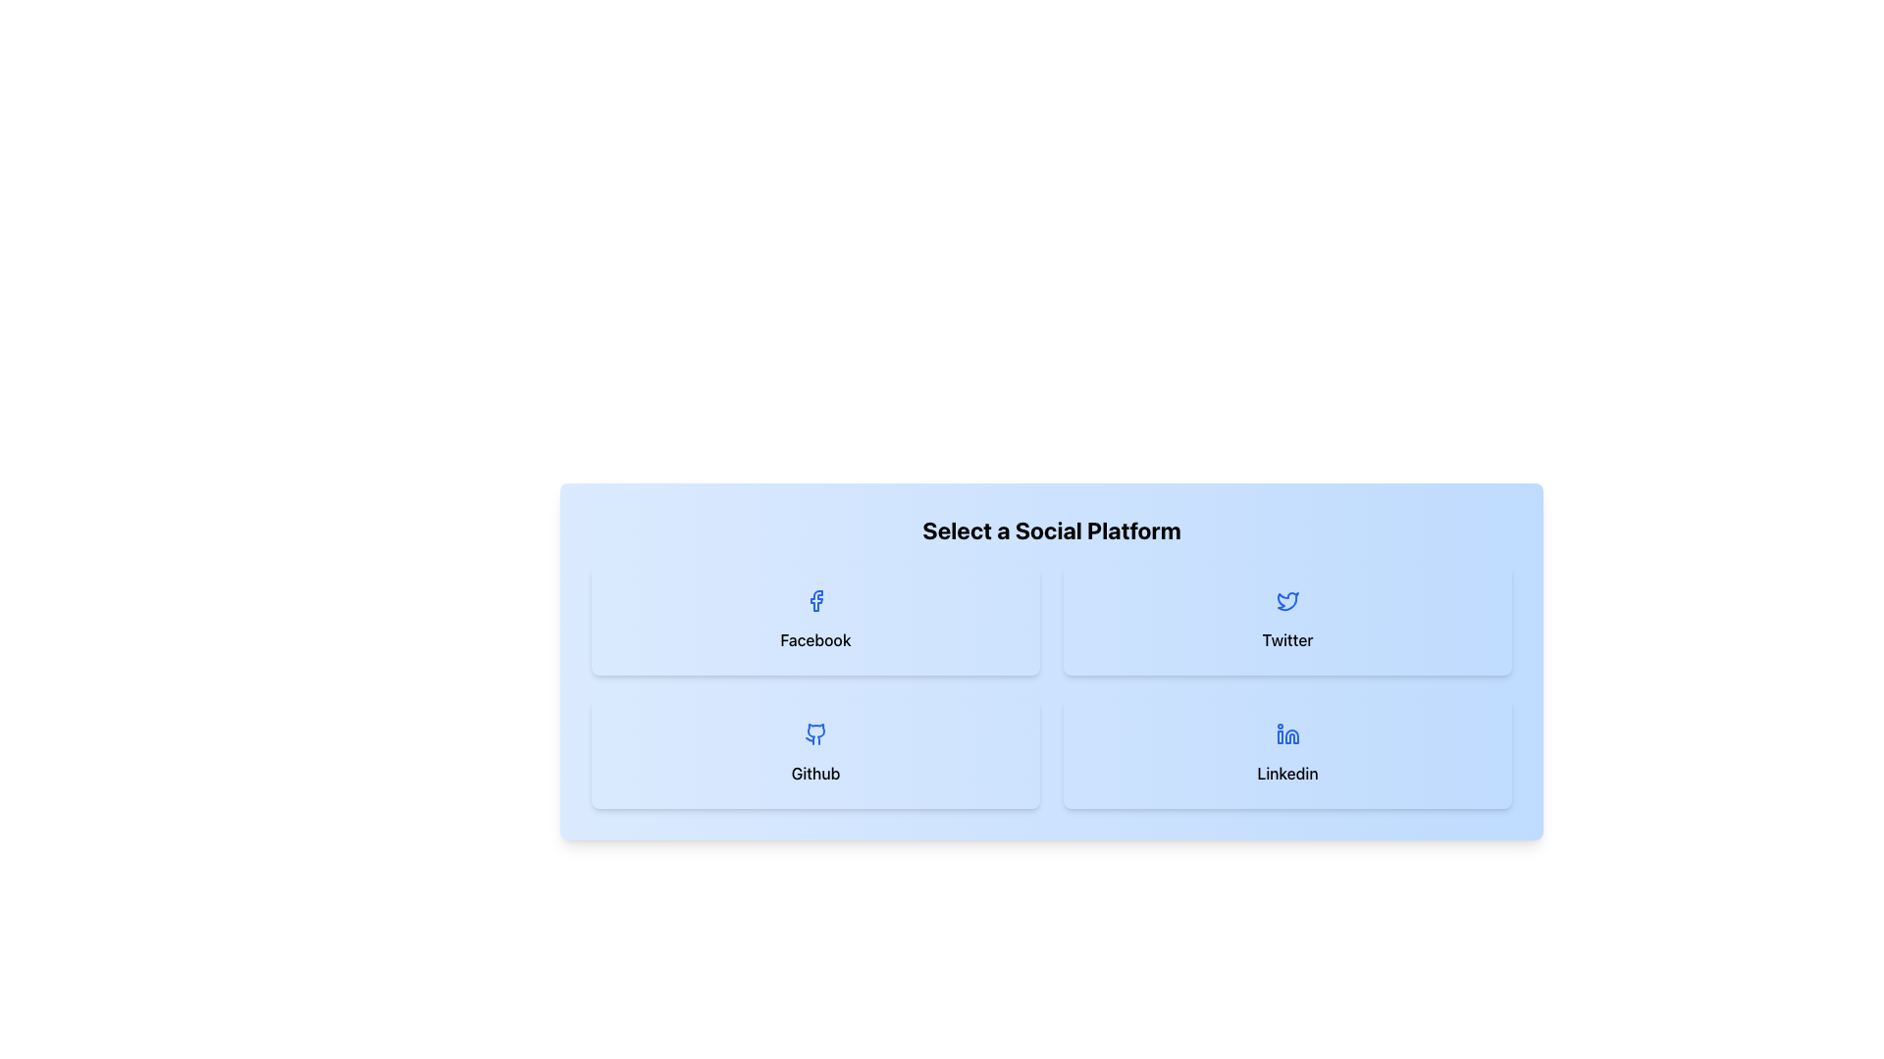 The height and width of the screenshot is (1059, 1884). I want to click on the Facebook selection button located in the upper-left corner of the grid layout, so click(815, 620).